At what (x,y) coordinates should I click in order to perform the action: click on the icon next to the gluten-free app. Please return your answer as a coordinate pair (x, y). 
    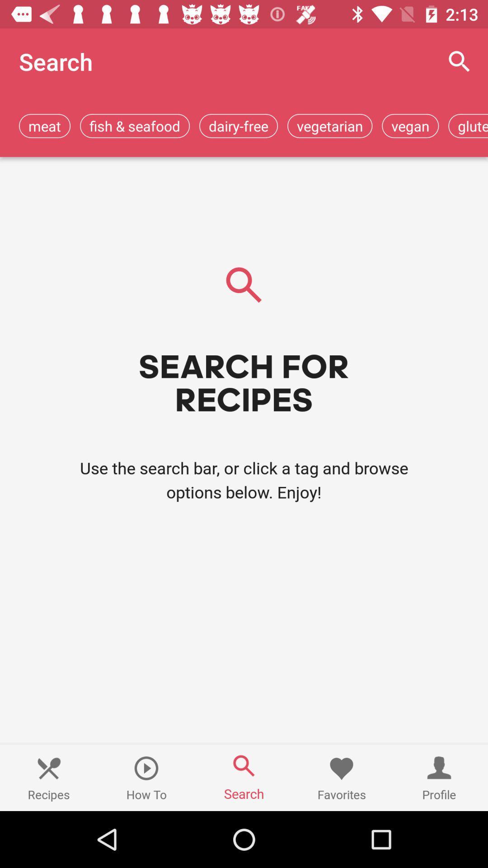
    Looking at the image, I should click on (410, 125).